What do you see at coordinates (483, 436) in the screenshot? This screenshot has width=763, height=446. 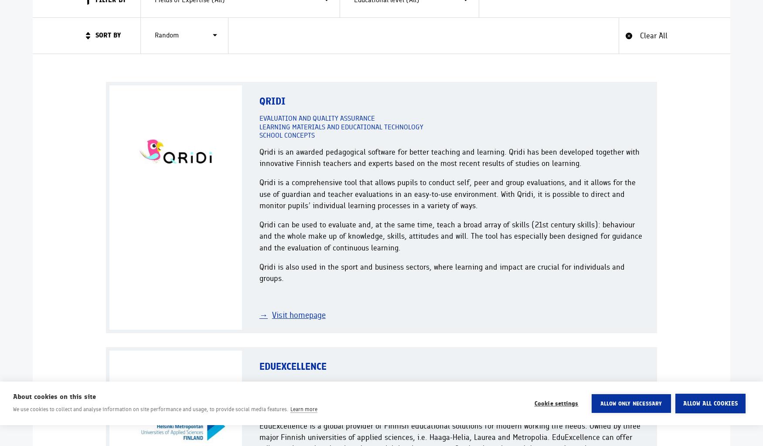 I see `'i.e. Haaga-Helia, Laurea and Metropolia.'` at bounding box center [483, 436].